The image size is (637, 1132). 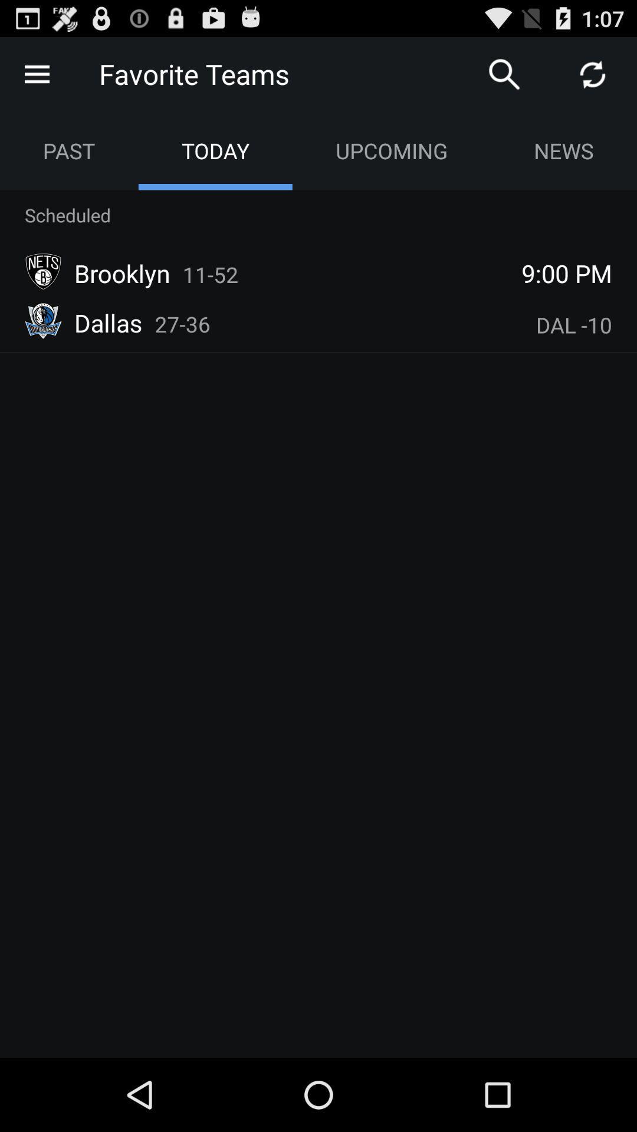 I want to click on app next to the dal -10 app, so click(x=182, y=324).